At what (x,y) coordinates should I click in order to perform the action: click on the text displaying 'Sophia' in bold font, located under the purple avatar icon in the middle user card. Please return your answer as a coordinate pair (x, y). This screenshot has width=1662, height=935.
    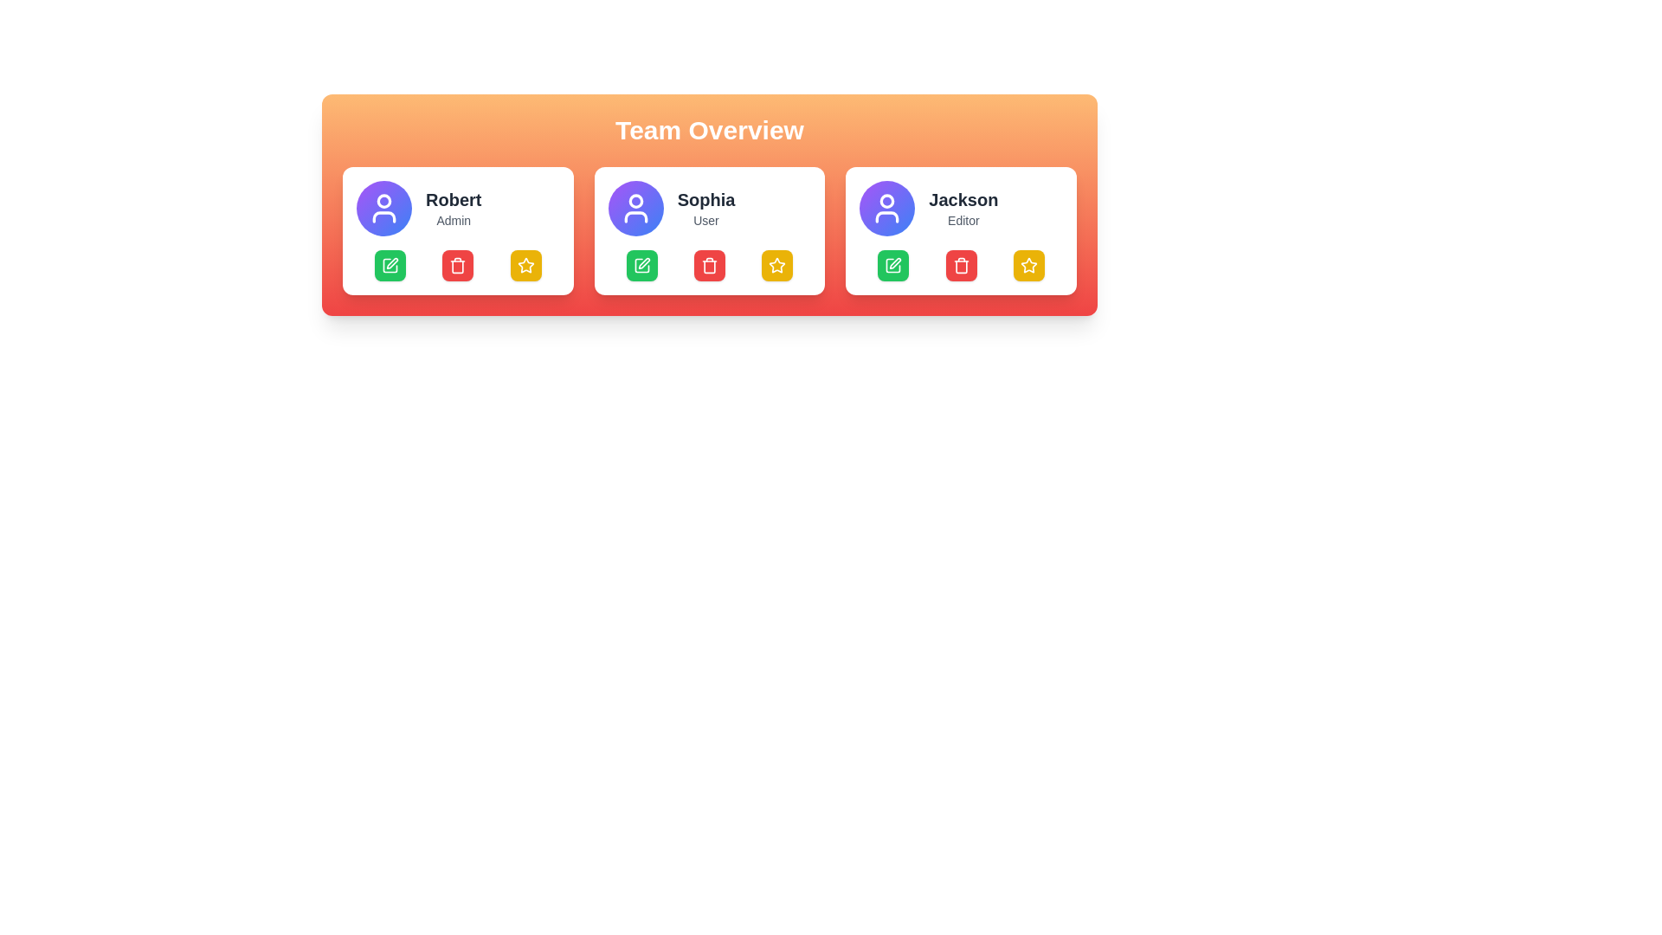
    Looking at the image, I should click on (706, 199).